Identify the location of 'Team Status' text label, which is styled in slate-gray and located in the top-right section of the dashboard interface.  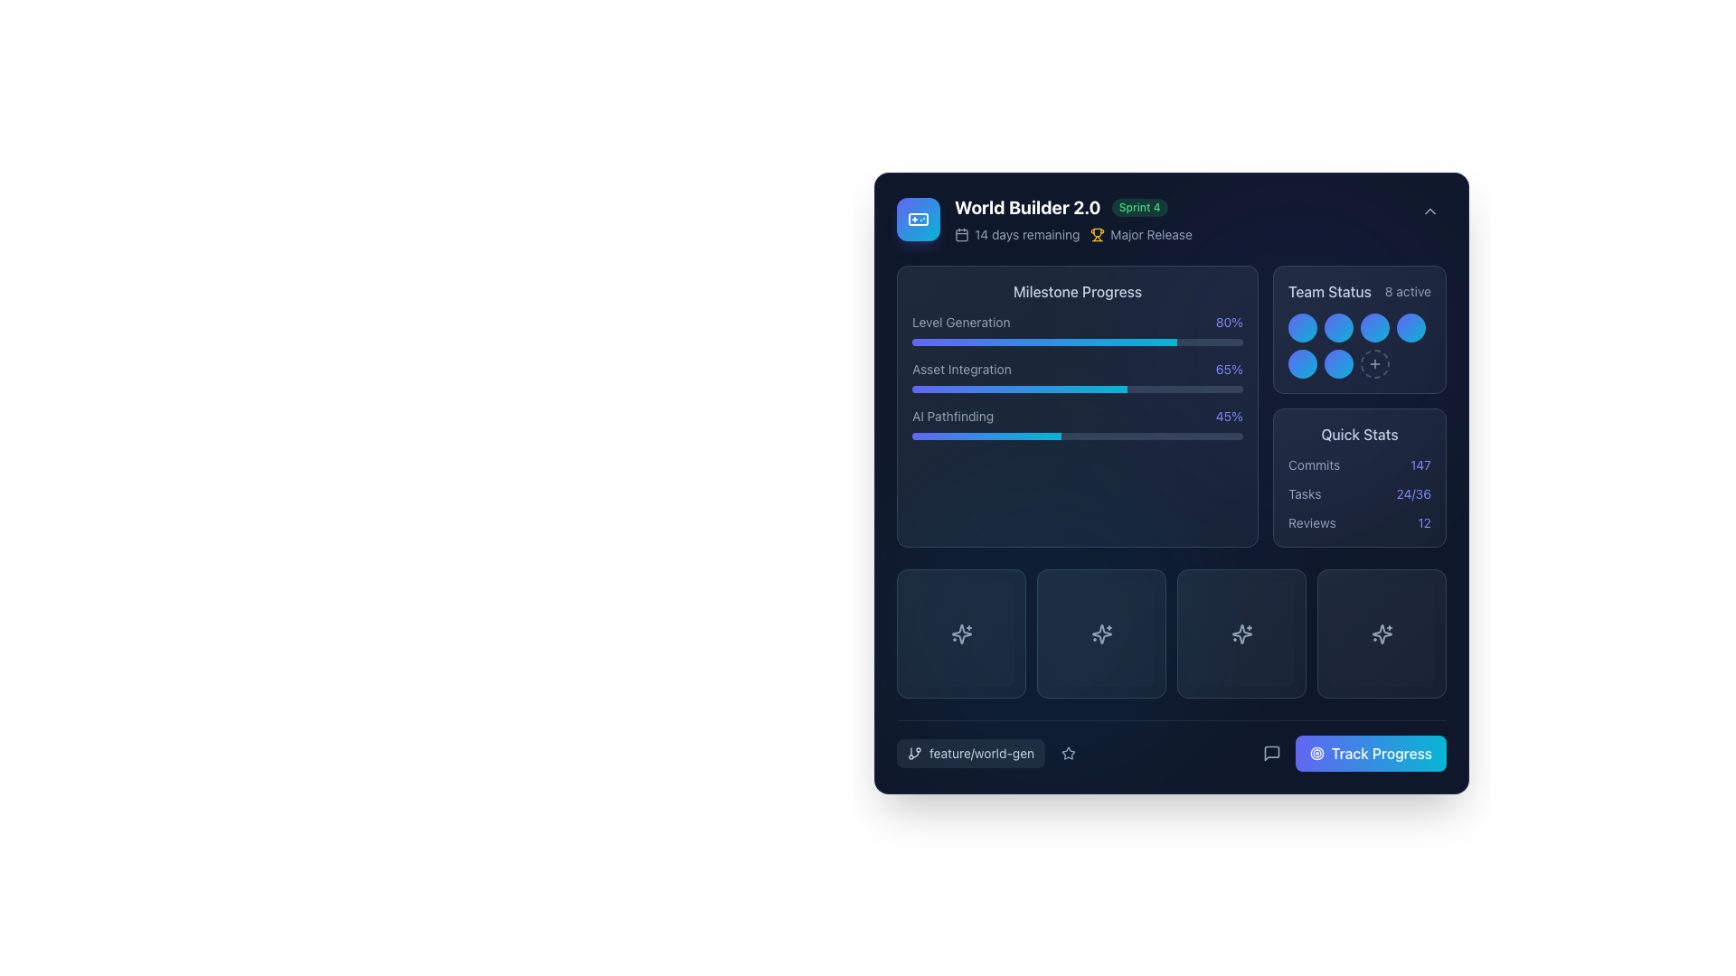
(1330, 291).